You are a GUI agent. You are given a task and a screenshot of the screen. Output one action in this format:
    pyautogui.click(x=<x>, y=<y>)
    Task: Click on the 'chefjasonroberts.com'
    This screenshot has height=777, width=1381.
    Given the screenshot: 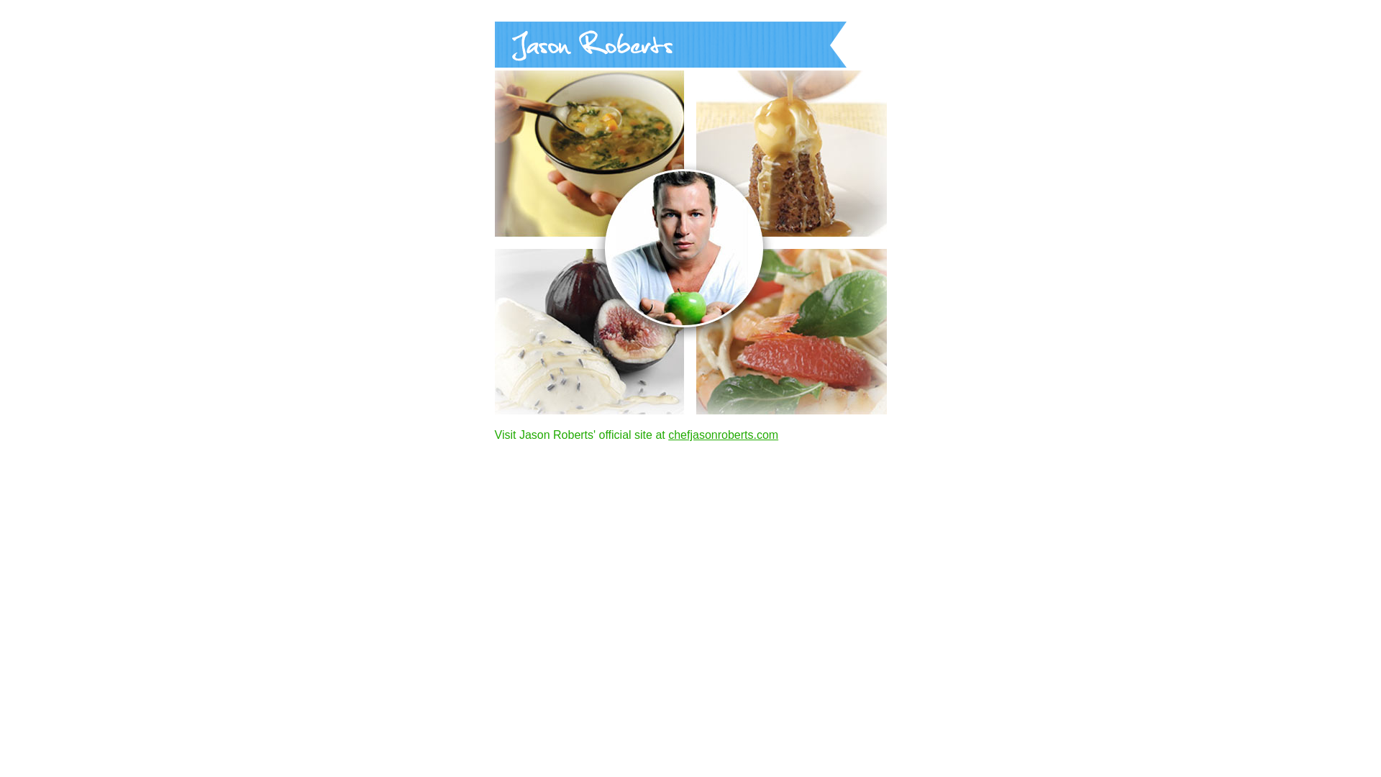 What is the action you would take?
    pyautogui.click(x=723, y=434)
    